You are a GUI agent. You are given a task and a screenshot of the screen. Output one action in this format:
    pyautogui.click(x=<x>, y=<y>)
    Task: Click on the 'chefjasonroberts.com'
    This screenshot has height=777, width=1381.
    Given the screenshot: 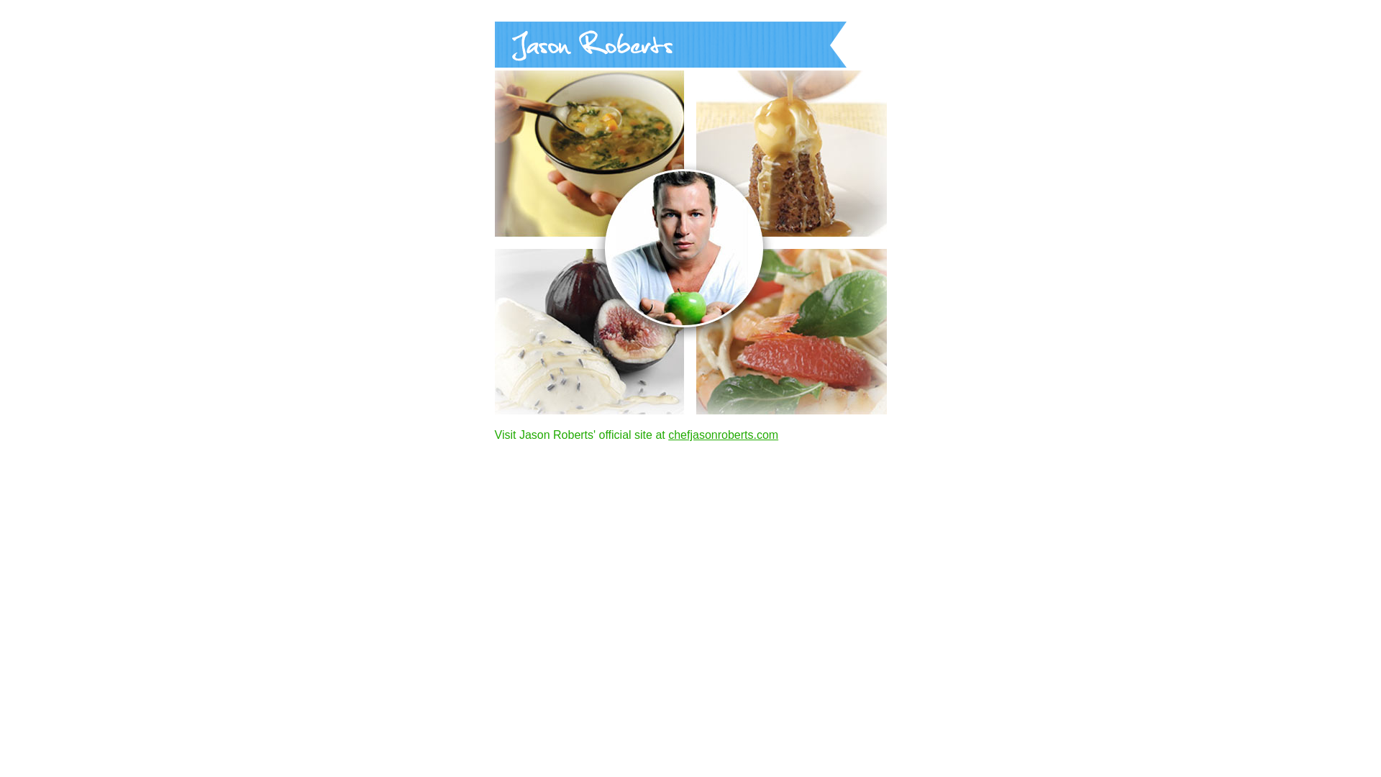 What is the action you would take?
    pyautogui.click(x=723, y=434)
    